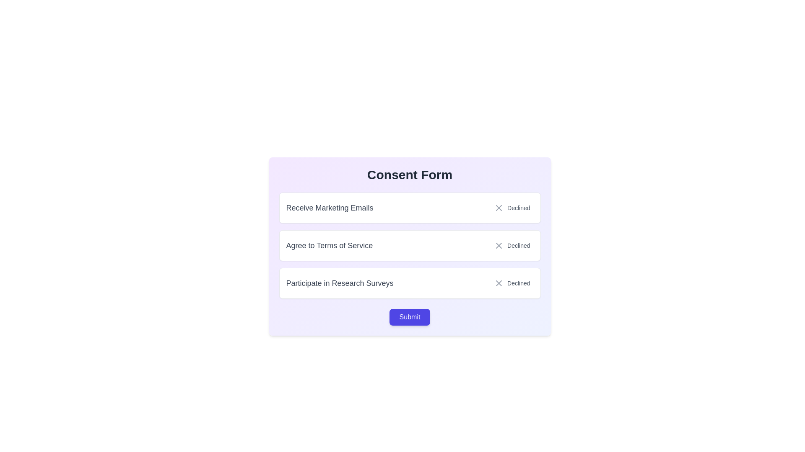 This screenshot has width=805, height=452. Describe the element at coordinates (518, 208) in the screenshot. I see `the status indicator text label that shows 'Receive Marketing Emails' has been declined, located in the first row beneath the 'Consent Form' header, to the far right next to the 'X' icon` at that location.